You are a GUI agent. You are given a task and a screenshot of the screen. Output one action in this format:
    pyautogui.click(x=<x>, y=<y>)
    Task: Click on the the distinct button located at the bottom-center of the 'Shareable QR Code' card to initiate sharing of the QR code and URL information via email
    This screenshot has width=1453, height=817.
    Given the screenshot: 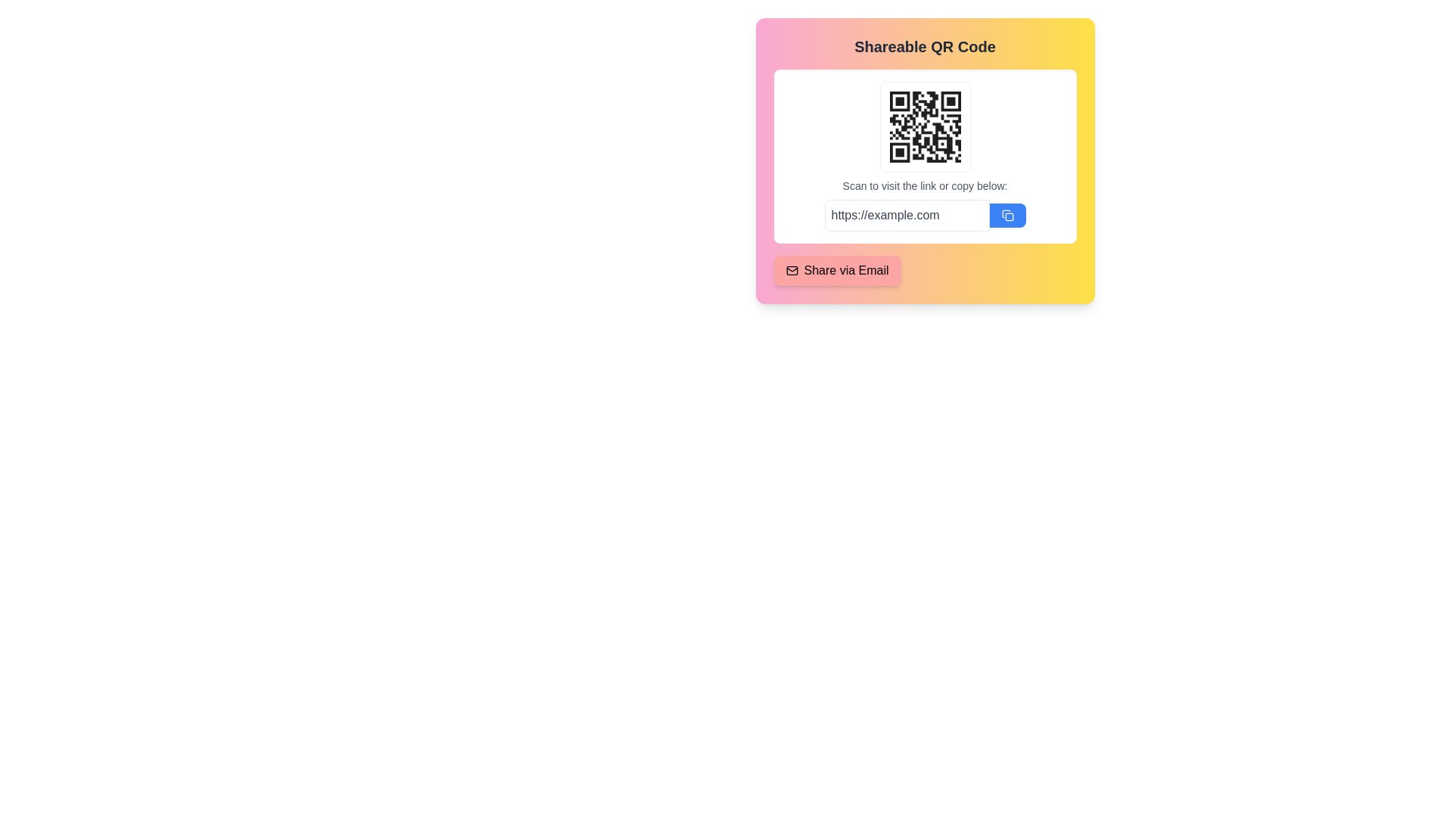 What is the action you would take?
    pyautogui.click(x=836, y=270)
    